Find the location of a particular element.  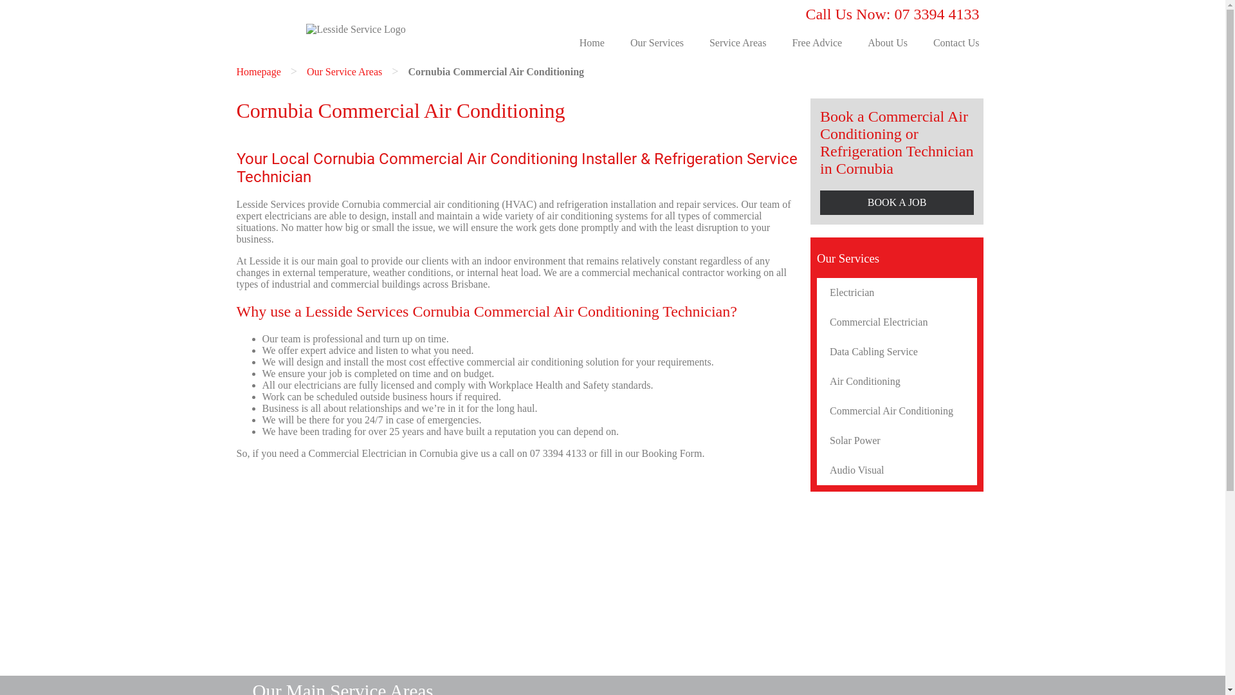

'About Us' is located at coordinates (887, 42).